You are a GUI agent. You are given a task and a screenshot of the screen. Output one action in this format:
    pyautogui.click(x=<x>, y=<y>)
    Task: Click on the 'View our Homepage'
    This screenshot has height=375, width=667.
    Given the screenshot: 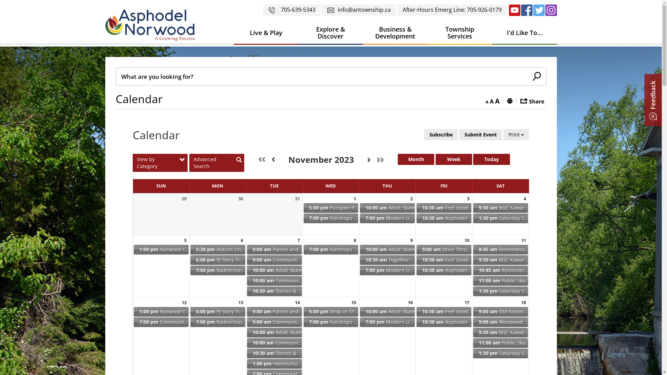 What is the action you would take?
    pyautogui.click(x=152, y=27)
    